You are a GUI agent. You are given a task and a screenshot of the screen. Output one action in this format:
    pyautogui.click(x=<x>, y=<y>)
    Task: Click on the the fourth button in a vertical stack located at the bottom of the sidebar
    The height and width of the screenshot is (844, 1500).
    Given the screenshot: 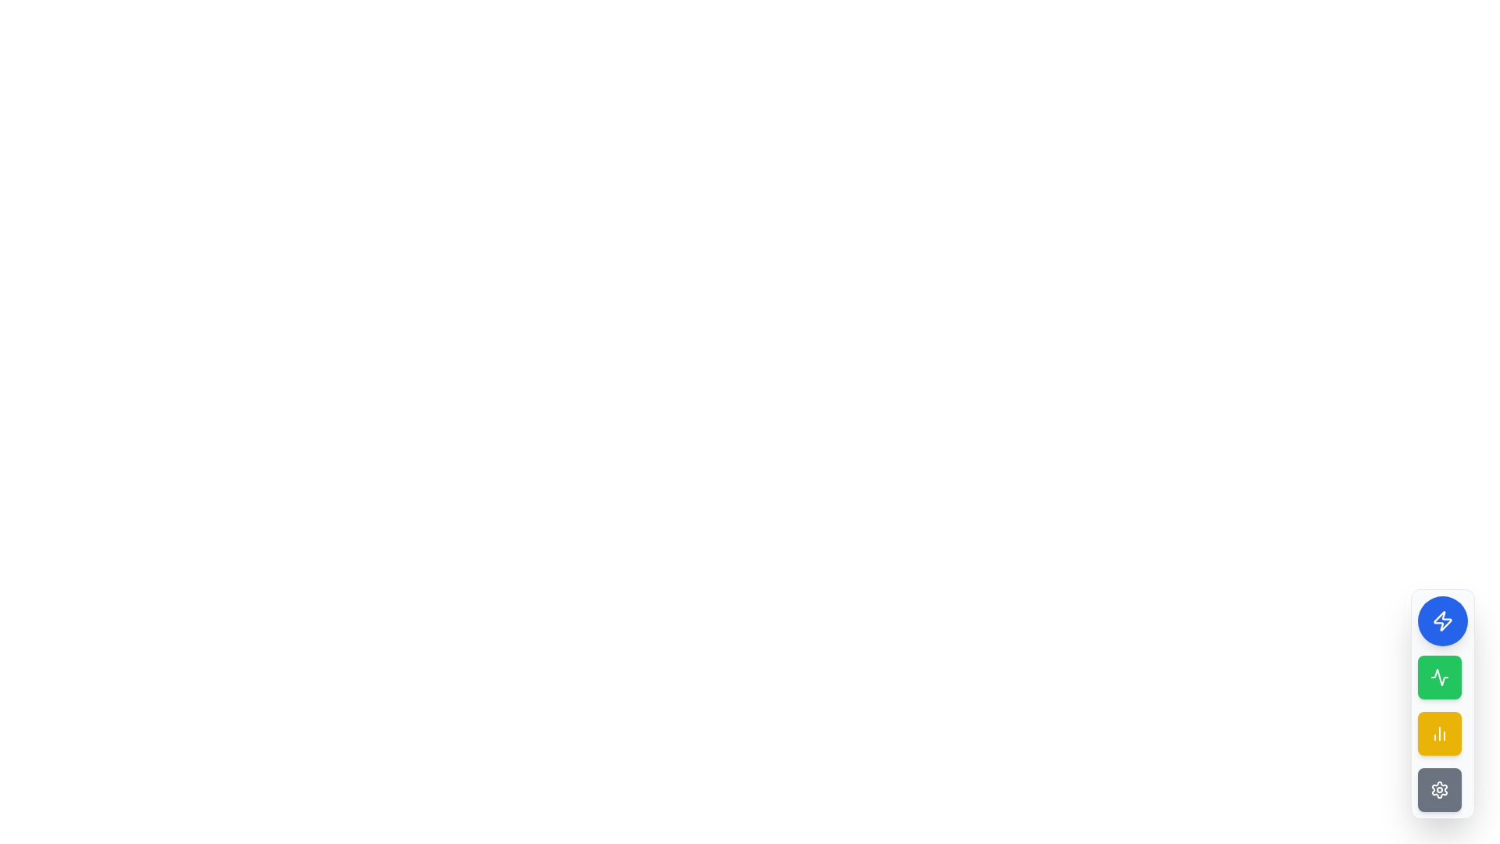 What is the action you would take?
    pyautogui.click(x=1439, y=789)
    